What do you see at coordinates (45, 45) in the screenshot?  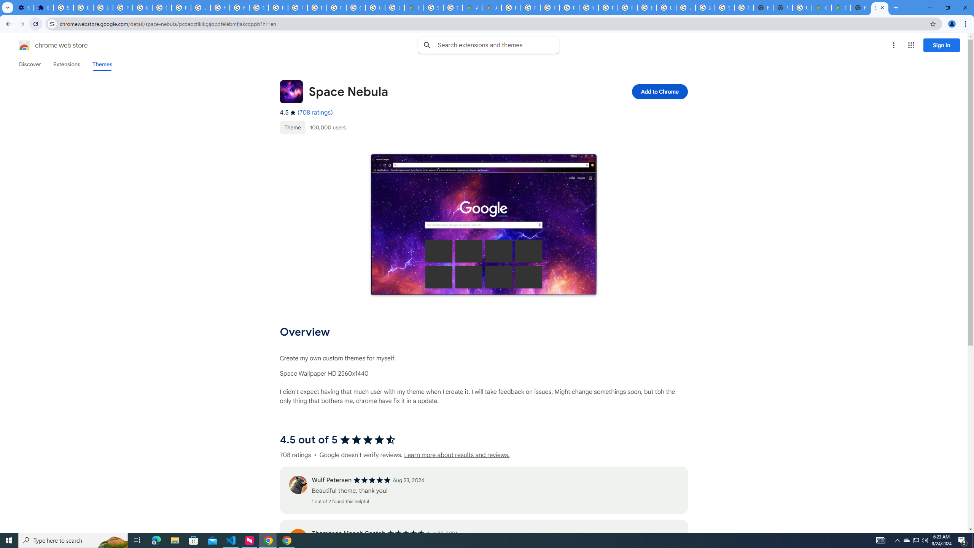 I see `'Chrome Web Store logo chrome web store'` at bounding box center [45, 45].